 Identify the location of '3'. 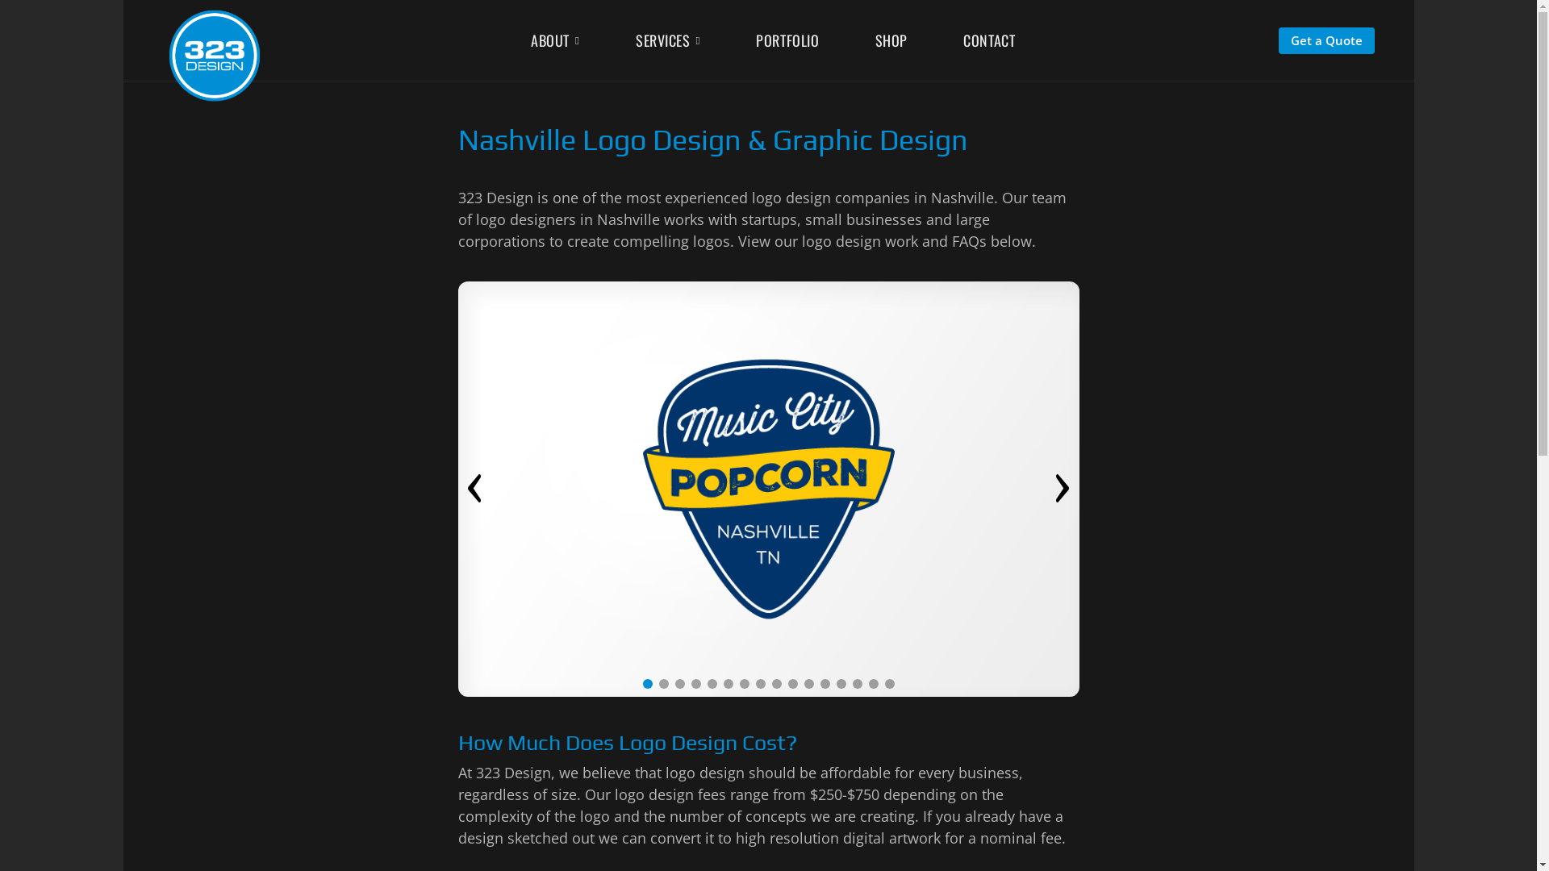
(678, 684).